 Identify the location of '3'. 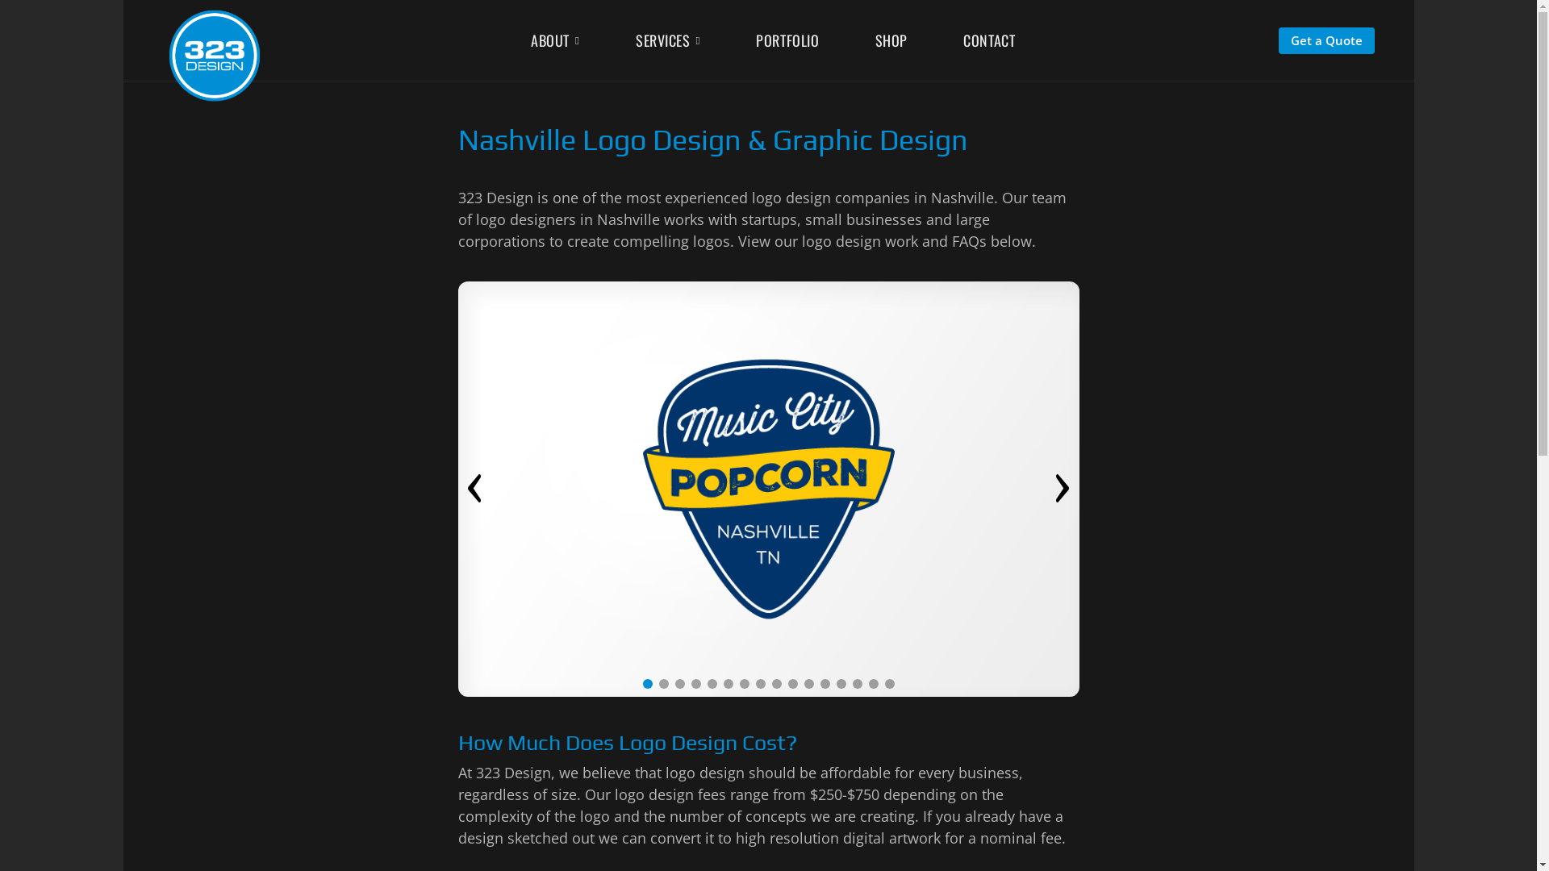
(678, 684).